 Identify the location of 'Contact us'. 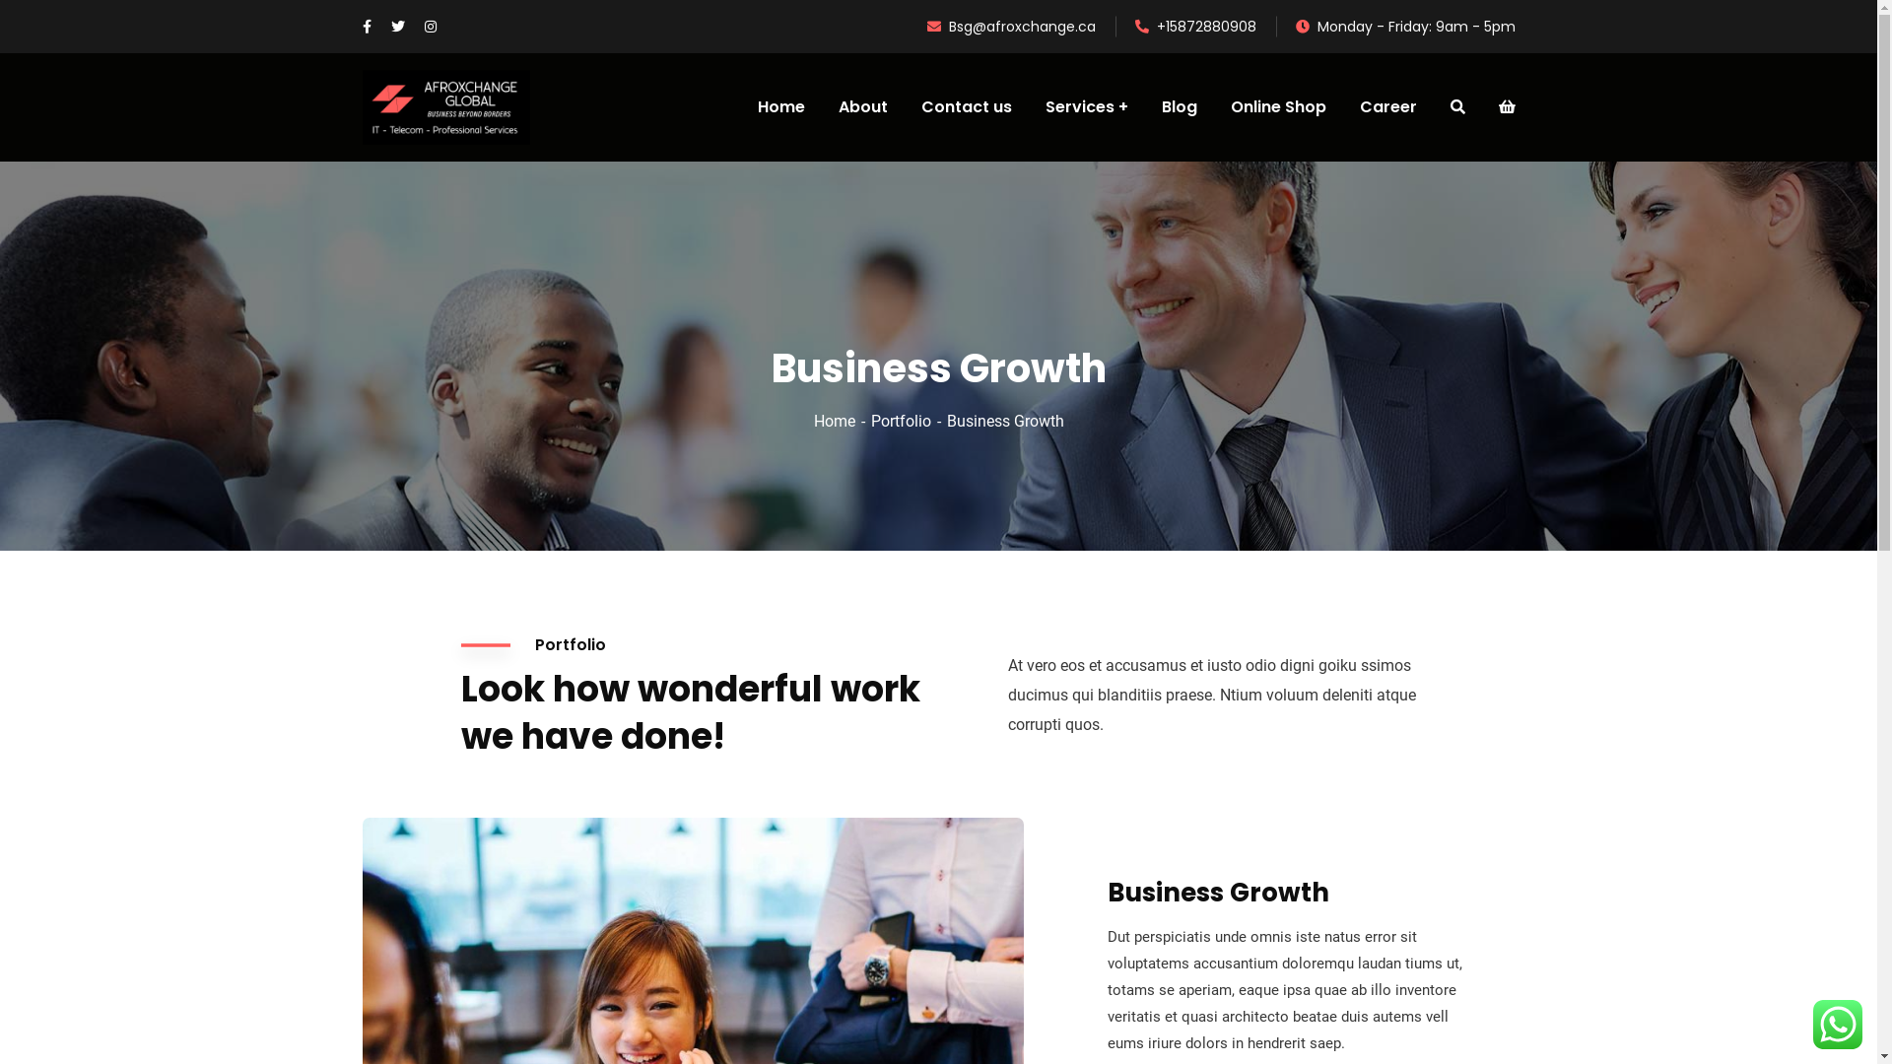
(965, 106).